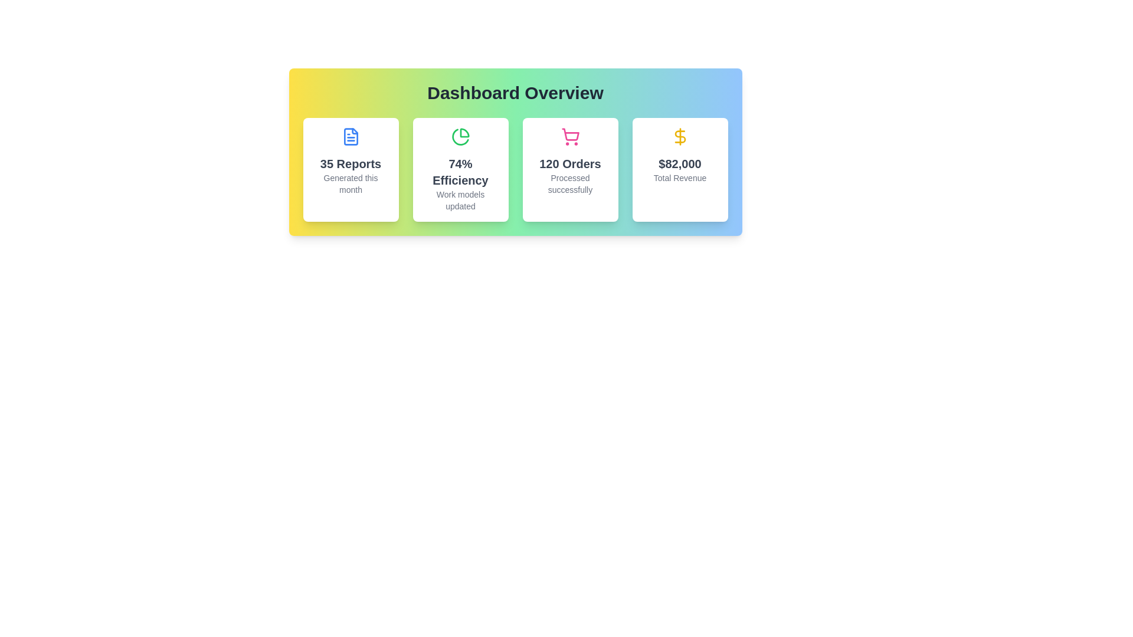 This screenshot has height=637, width=1133. What do you see at coordinates (350, 170) in the screenshot?
I see `the Informational Tile that features a blue document icon and displays '35 Reports' and 'Generated this month', located at the top-left corner of the grid layout` at bounding box center [350, 170].